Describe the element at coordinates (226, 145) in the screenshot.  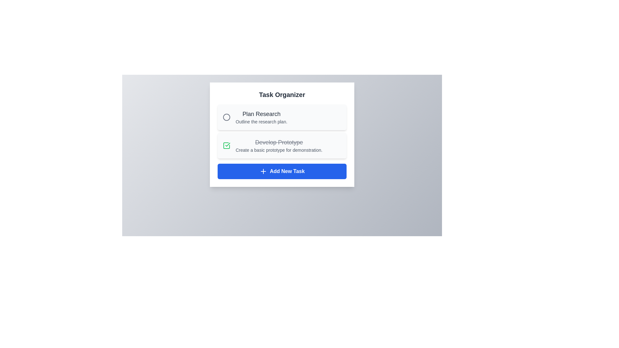
I see `the task titled 'Develop Prototype'` at that location.